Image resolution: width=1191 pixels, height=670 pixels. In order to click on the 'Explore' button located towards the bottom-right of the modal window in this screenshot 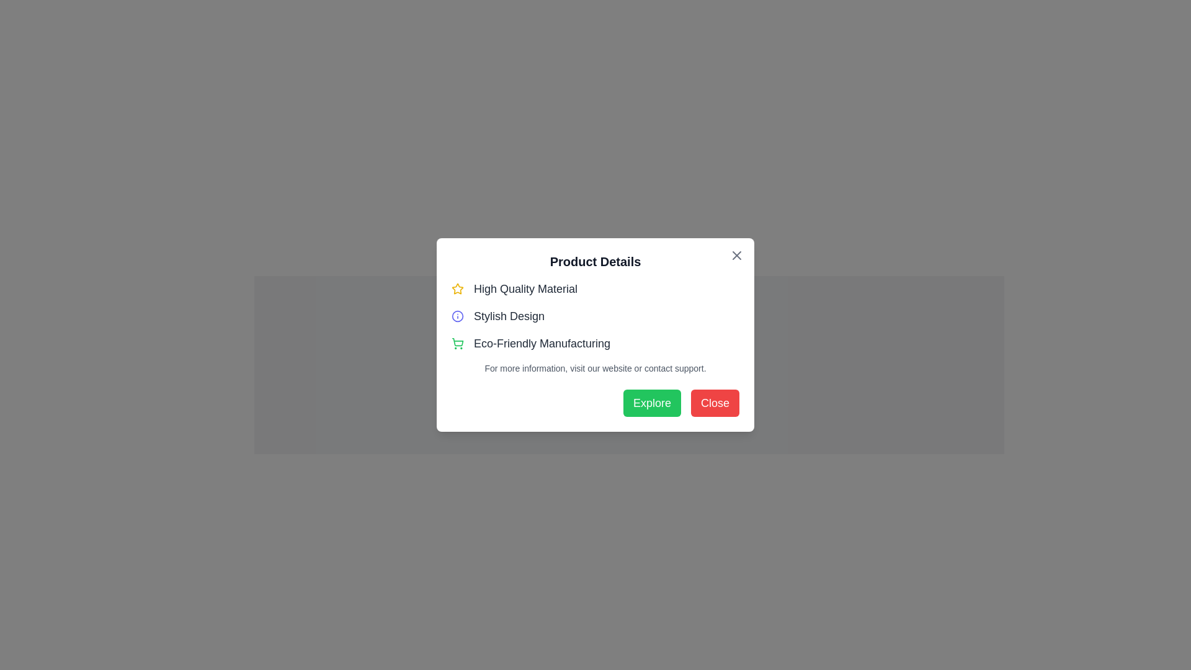, I will do `click(651, 403)`.